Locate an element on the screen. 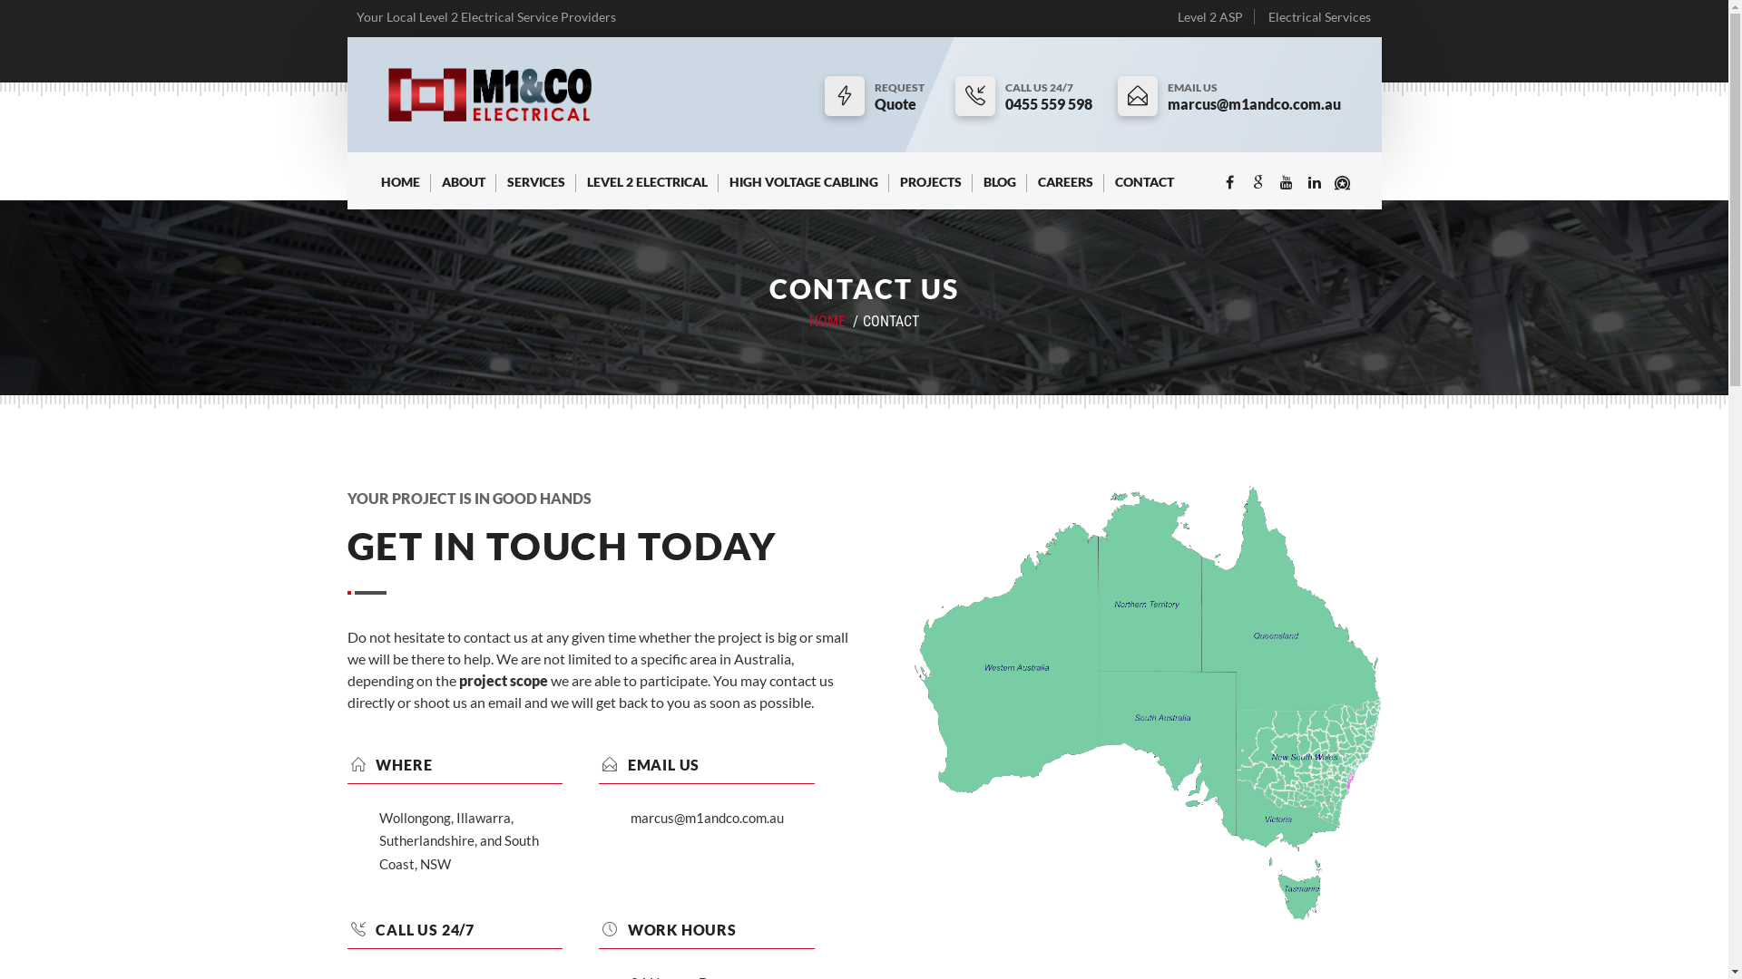 Image resolution: width=1742 pixels, height=979 pixels. 'HOME' is located at coordinates (369, 189).